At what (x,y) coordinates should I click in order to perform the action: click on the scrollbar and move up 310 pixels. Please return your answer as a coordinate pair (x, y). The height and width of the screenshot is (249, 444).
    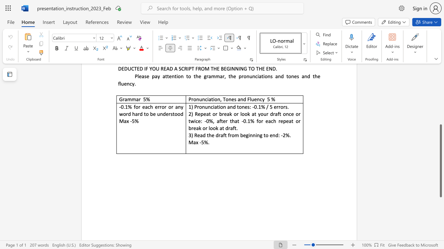
    Looking at the image, I should click on (440, 161).